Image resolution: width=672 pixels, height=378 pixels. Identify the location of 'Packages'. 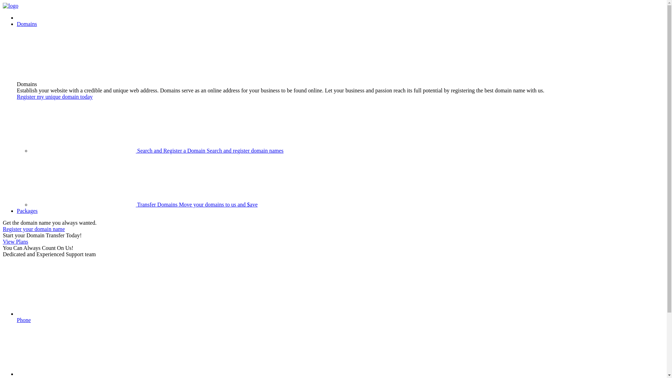
(27, 210).